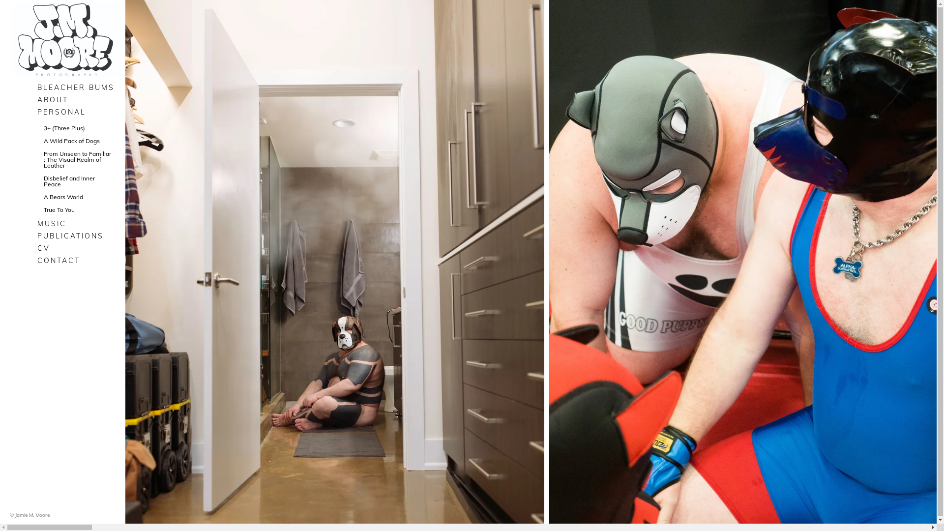 This screenshot has width=944, height=531. I want to click on 'PERSONAL', so click(77, 111).